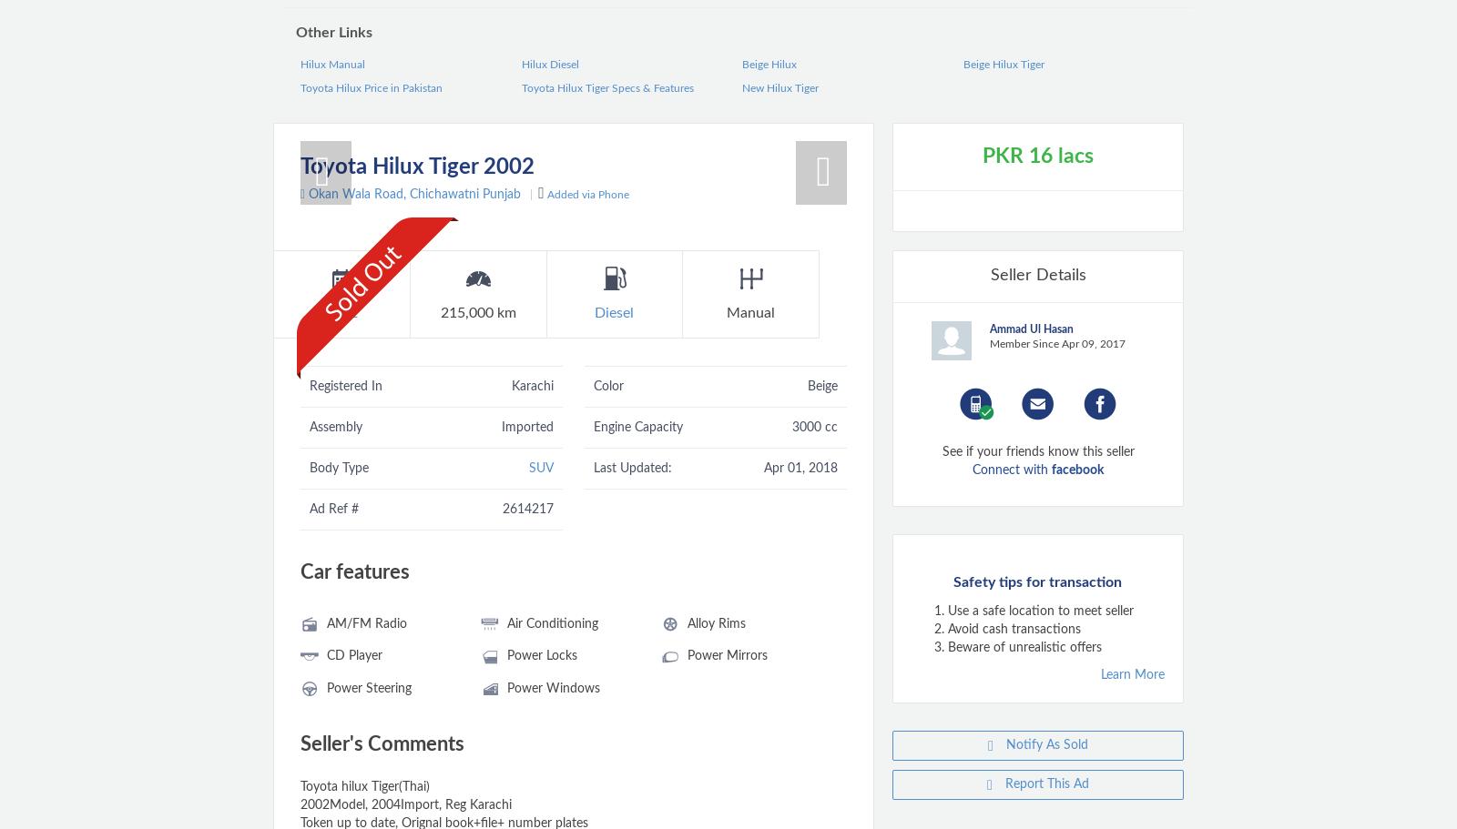 The image size is (1457, 829). What do you see at coordinates (352, 655) in the screenshot?
I see `'CD Player'` at bounding box center [352, 655].